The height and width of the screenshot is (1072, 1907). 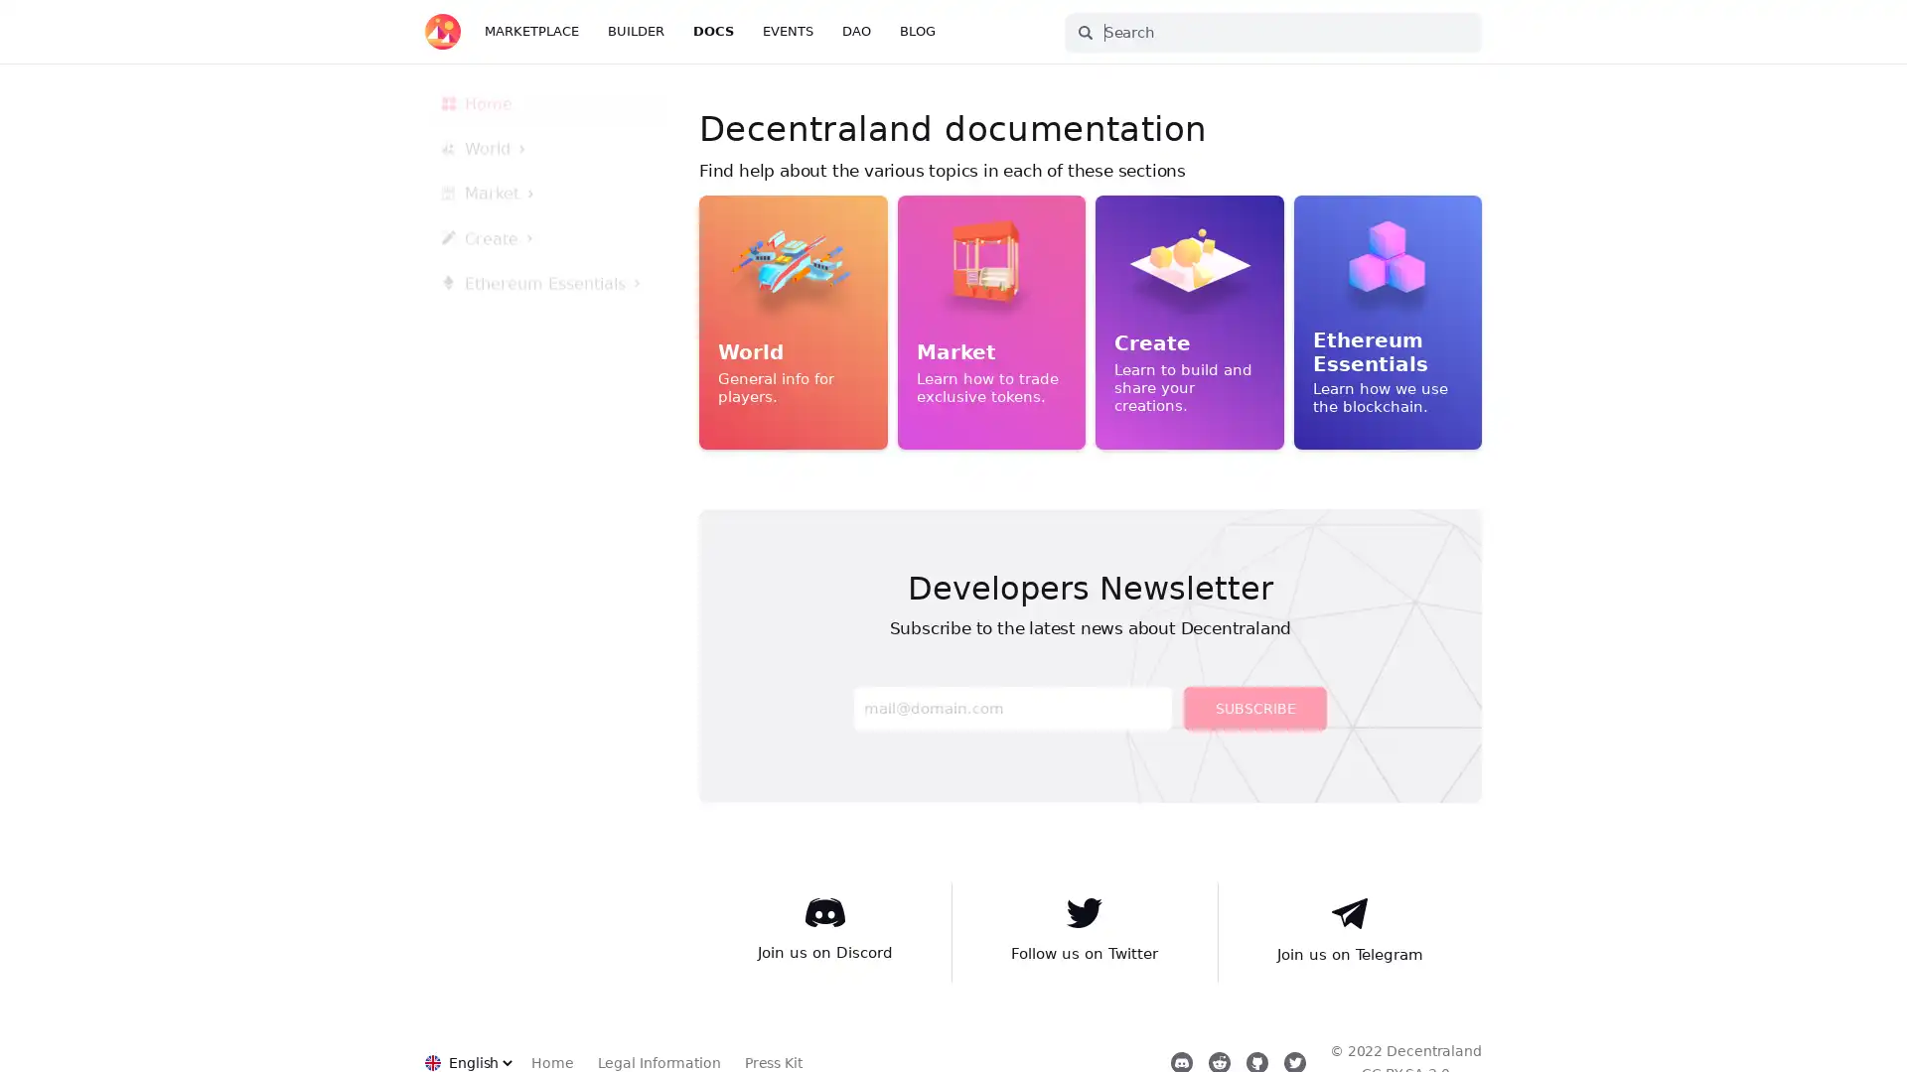 I want to click on SUBSCRIBE, so click(x=1253, y=707).